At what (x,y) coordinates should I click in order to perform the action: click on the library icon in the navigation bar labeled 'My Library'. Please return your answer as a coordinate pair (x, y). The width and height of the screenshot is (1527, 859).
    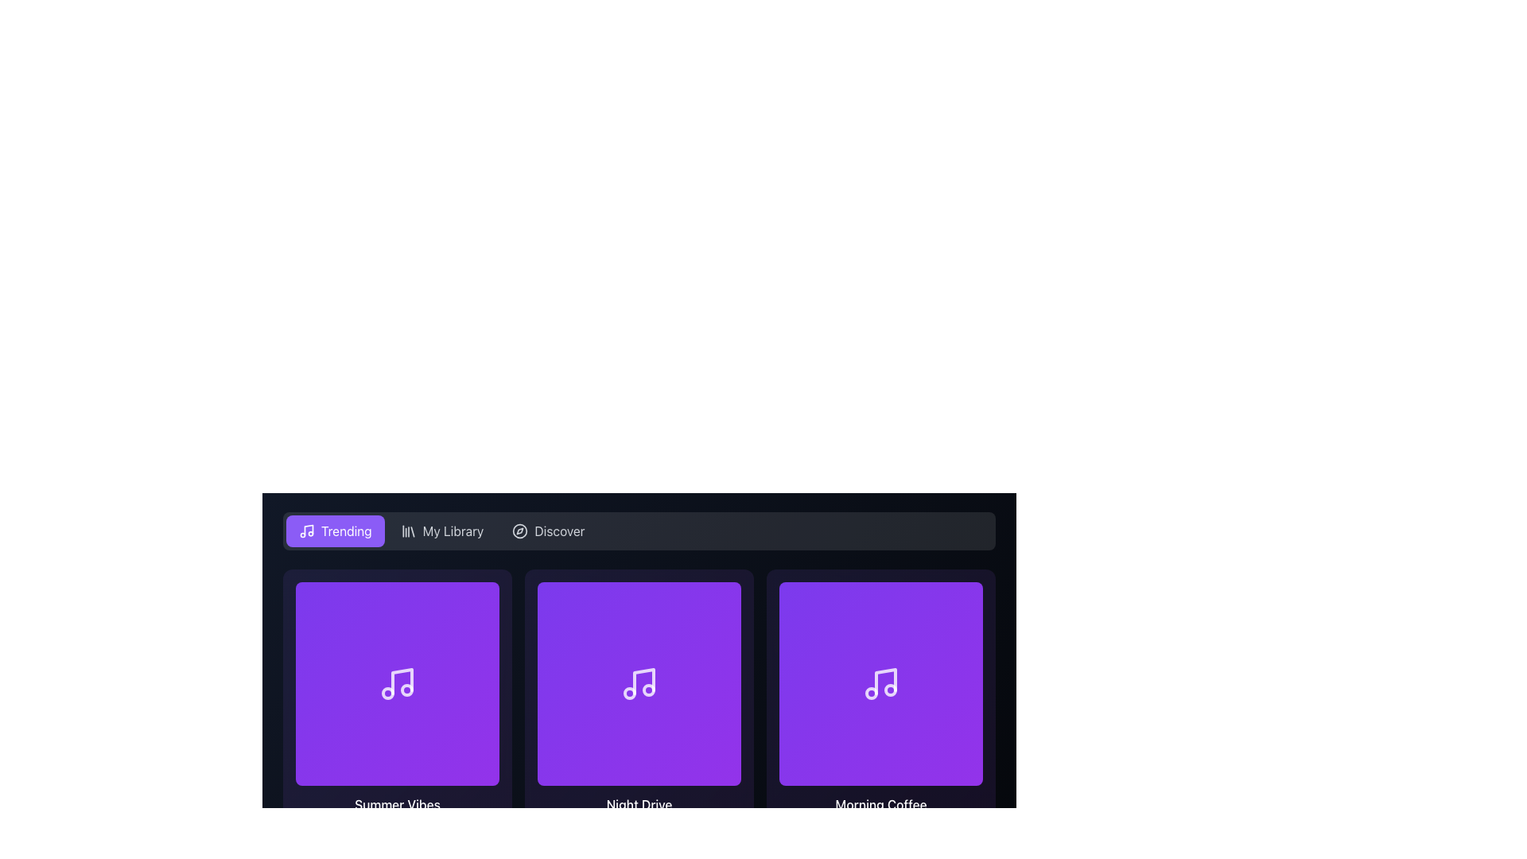
    Looking at the image, I should click on (408, 531).